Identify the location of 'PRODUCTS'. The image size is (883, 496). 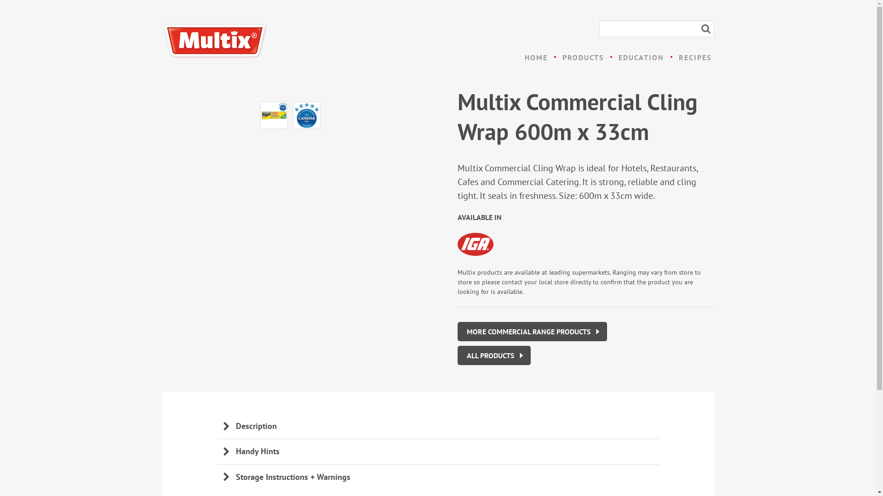
(582, 57).